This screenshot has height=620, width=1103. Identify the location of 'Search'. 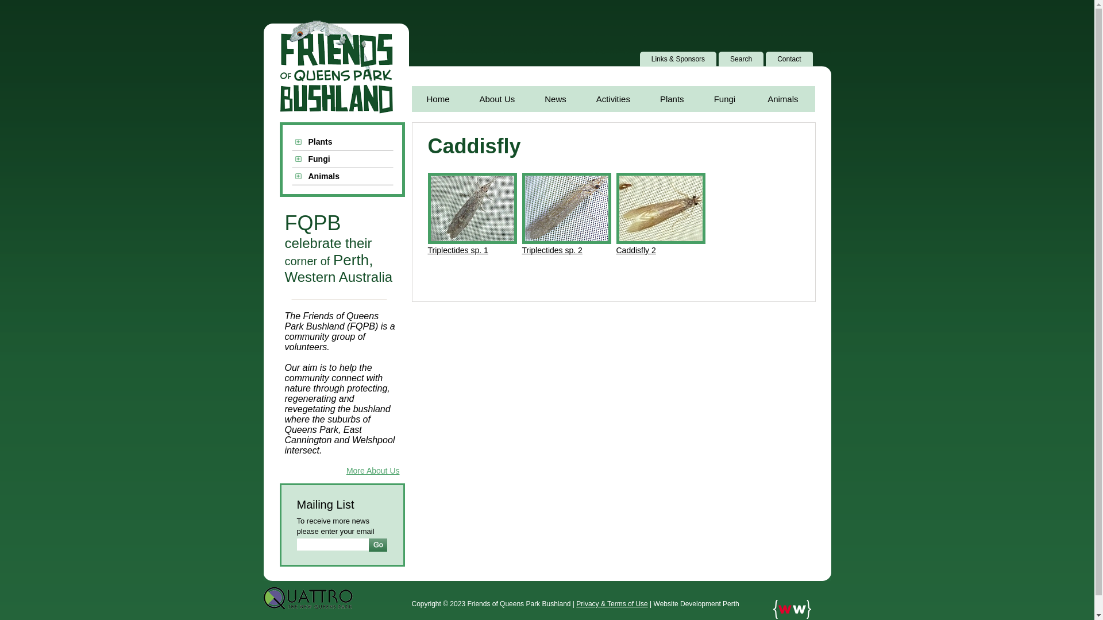
(743, 59).